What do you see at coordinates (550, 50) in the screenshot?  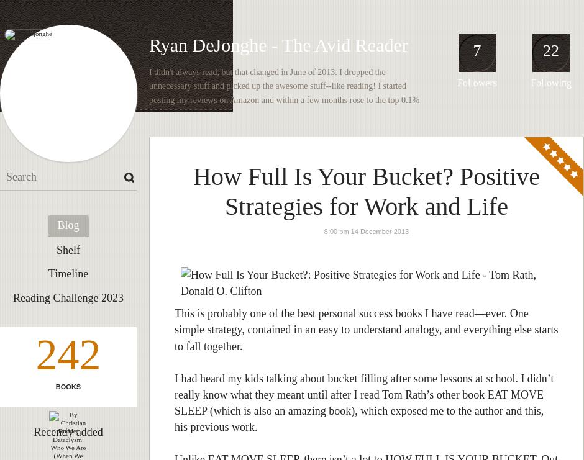 I see `'22'` at bounding box center [550, 50].